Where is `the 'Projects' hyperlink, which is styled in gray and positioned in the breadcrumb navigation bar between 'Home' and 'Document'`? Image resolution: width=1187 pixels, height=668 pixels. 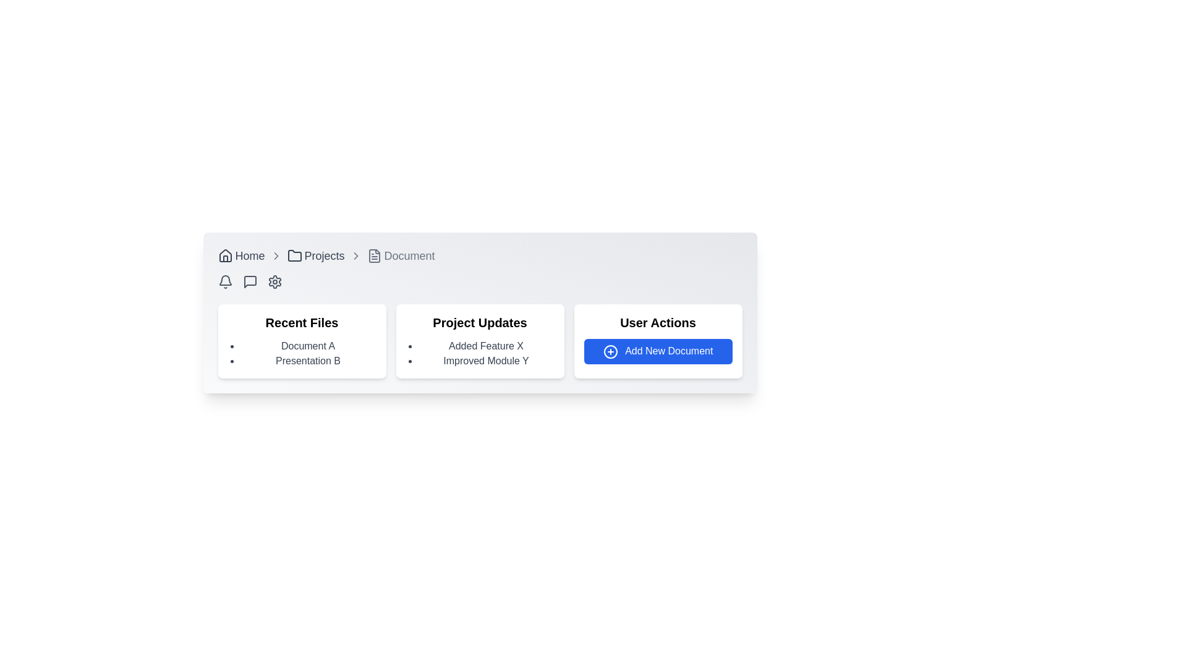
the 'Projects' hyperlink, which is styled in gray and positioned in the breadcrumb navigation bar between 'Home' and 'Document' is located at coordinates (316, 255).